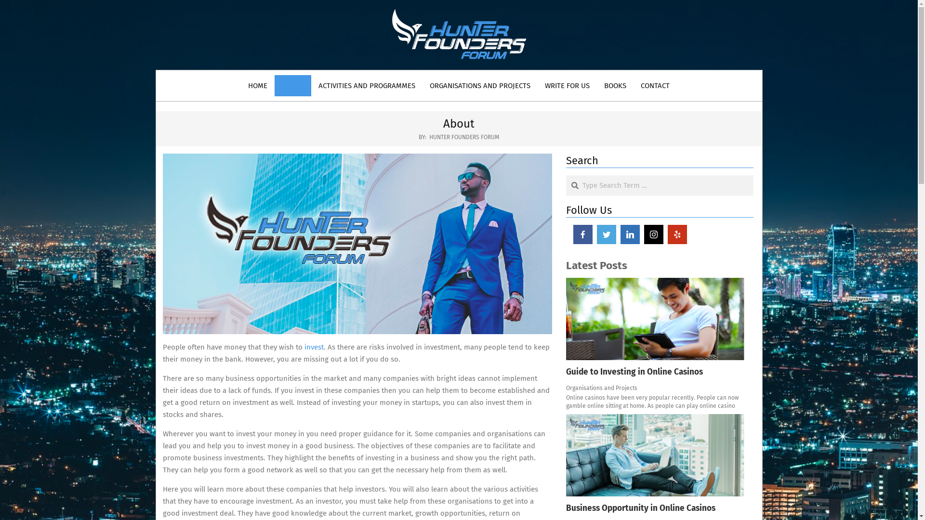 The width and height of the screenshot is (925, 520). What do you see at coordinates (292, 85) in the screenshot?
I see `'ABOUT'` at bounding box center [292, 85].